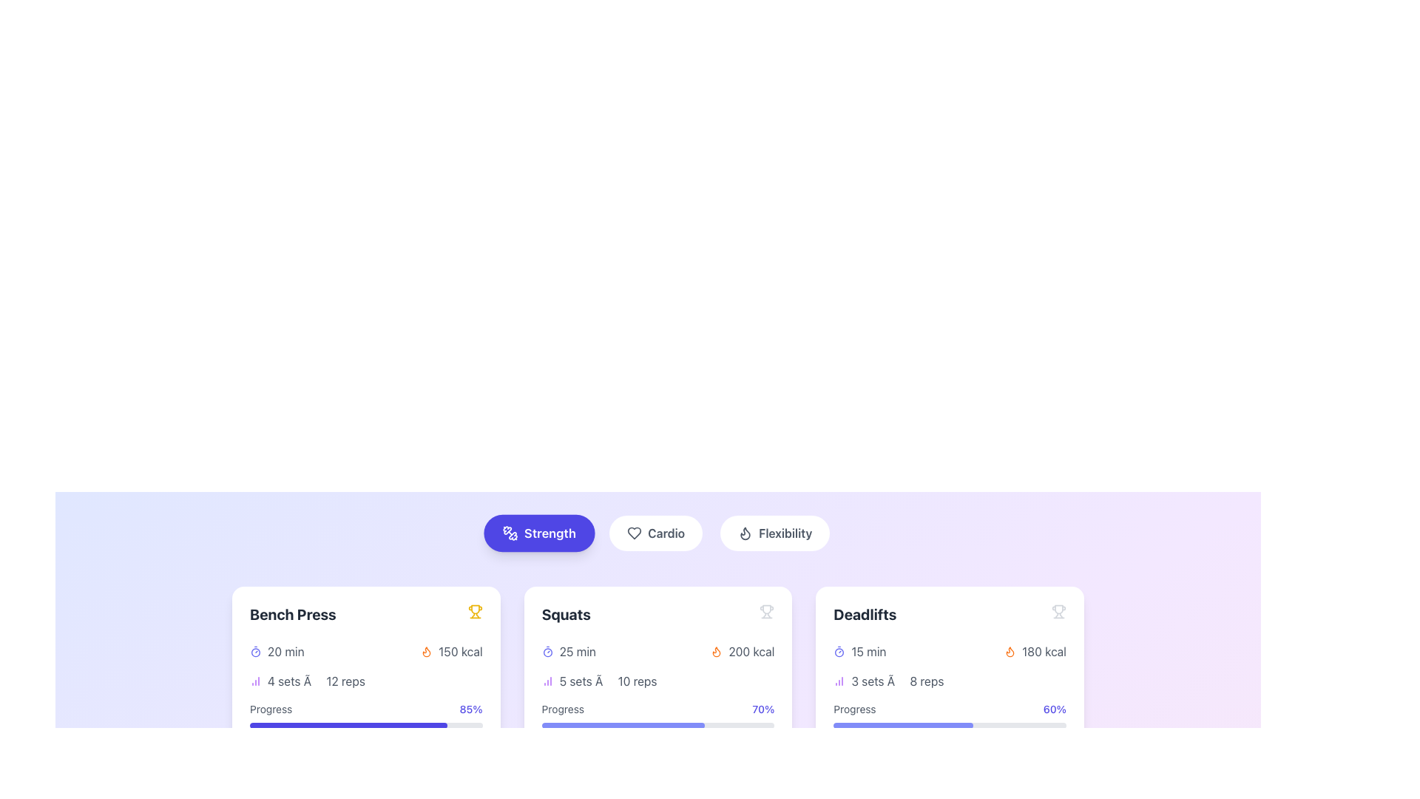 The width and height of the screenshot is (1420, 799). What do you see at coordinates (1035, 650) in the screenshot?
I see `the informational label displaying caloric expenditure for the 'Deadlifts' activity, located in the rightmost card, near the top-right corner, next to the '15 min' text` at bounding box center [1035, 650].